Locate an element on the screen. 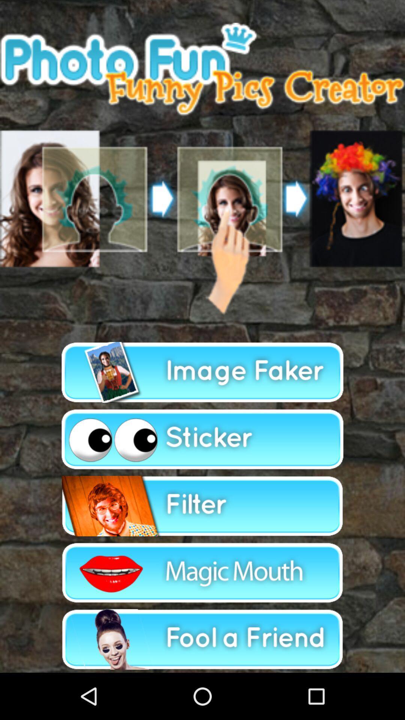 The image size is (405, 720). to select magic mouth and process particular option is located at coordinates (202, 572).